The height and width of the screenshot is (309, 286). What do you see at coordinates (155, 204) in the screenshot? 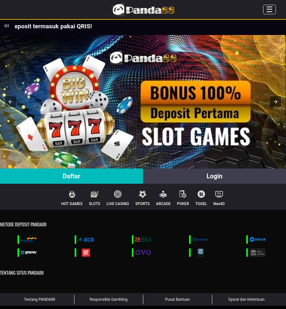
I see `'ARCADE'` at bounding box center [155, 204].